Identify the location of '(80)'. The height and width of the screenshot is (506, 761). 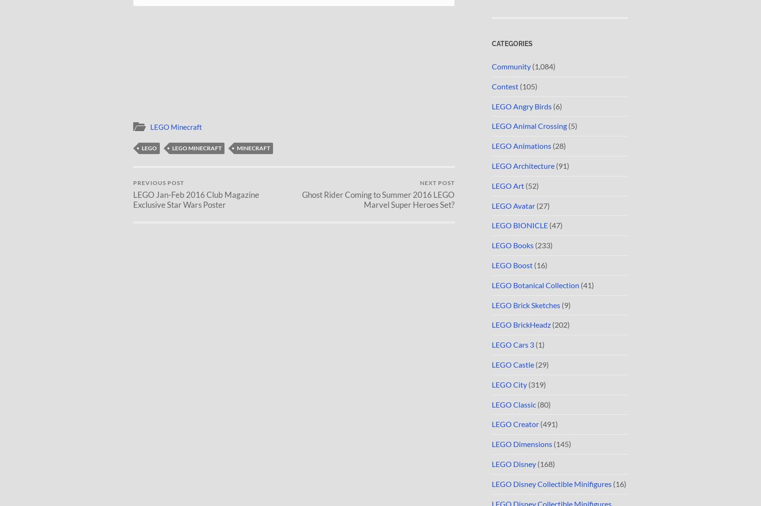
(543, 404).